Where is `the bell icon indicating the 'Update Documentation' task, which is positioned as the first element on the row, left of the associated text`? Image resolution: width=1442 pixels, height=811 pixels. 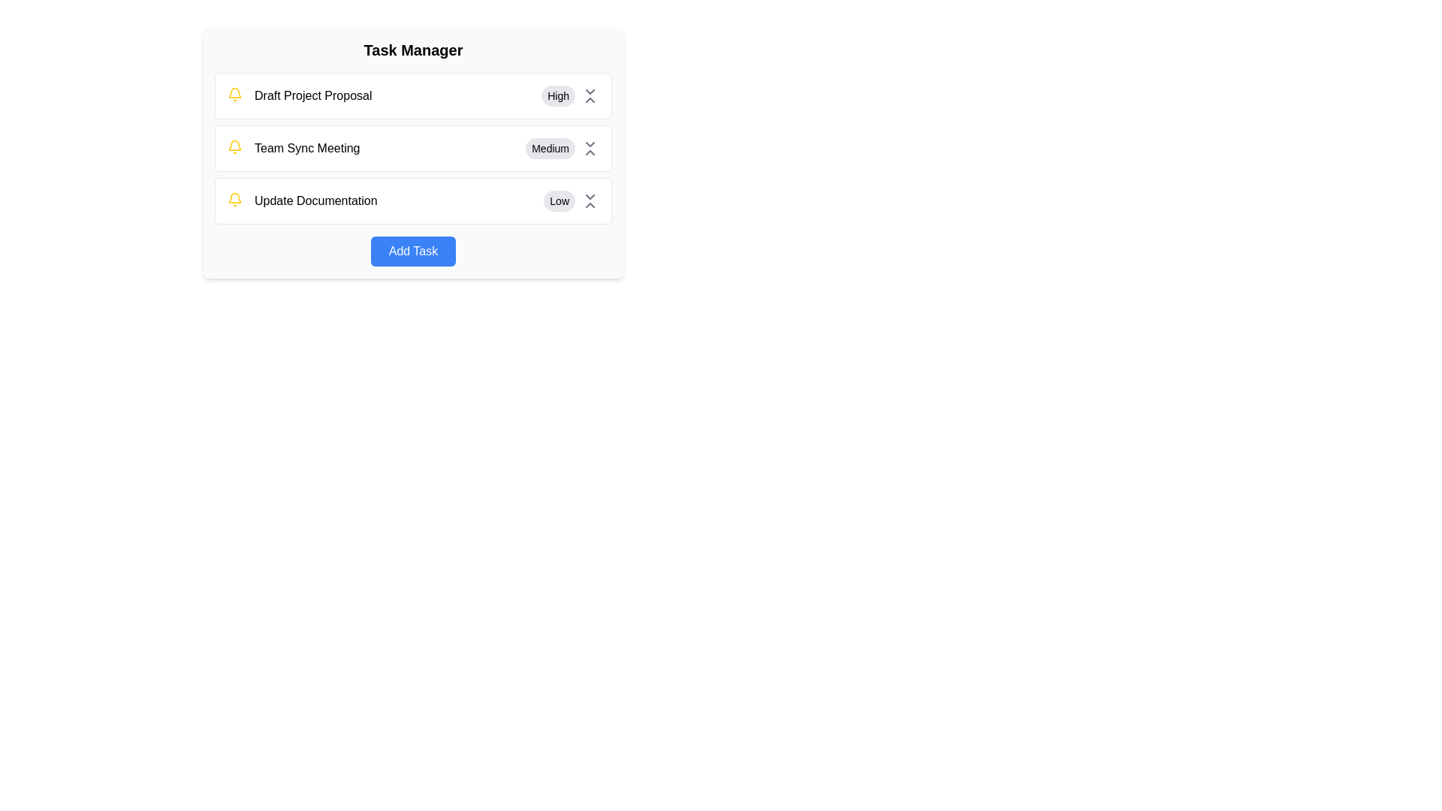
the bell icon indicating the 'Update Documentation' task, which is positioned as the first element on the row, left of the associated text is located at coordinates (234, 199).